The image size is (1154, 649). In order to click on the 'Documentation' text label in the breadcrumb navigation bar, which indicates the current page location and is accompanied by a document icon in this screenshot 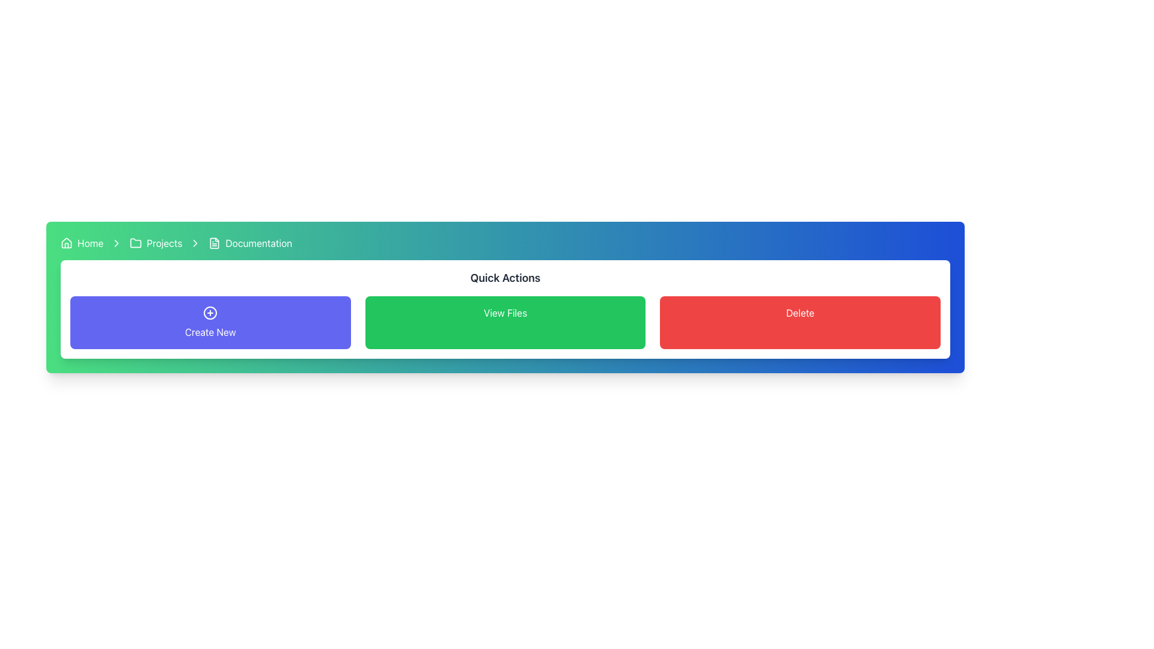, I will do `click(258, 243)`.